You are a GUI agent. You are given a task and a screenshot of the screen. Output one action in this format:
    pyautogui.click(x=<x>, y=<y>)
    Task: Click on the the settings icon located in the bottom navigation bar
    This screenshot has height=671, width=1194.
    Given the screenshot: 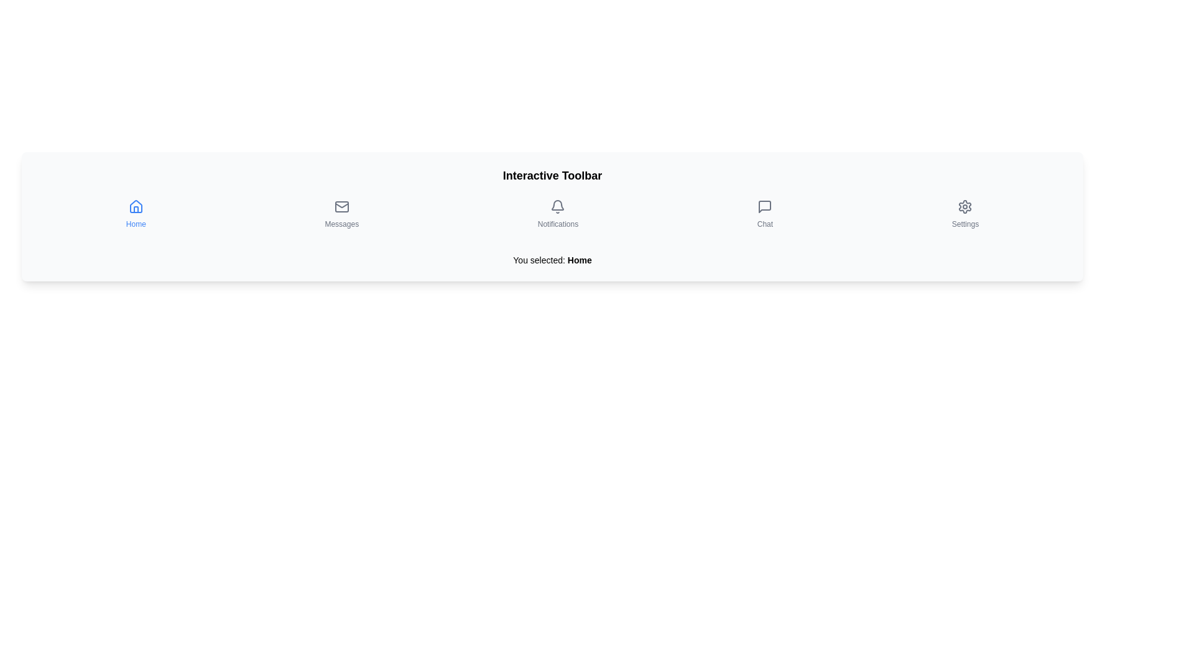 What is the action you would take?
    pyautogui.click(x=965, y=206)
    